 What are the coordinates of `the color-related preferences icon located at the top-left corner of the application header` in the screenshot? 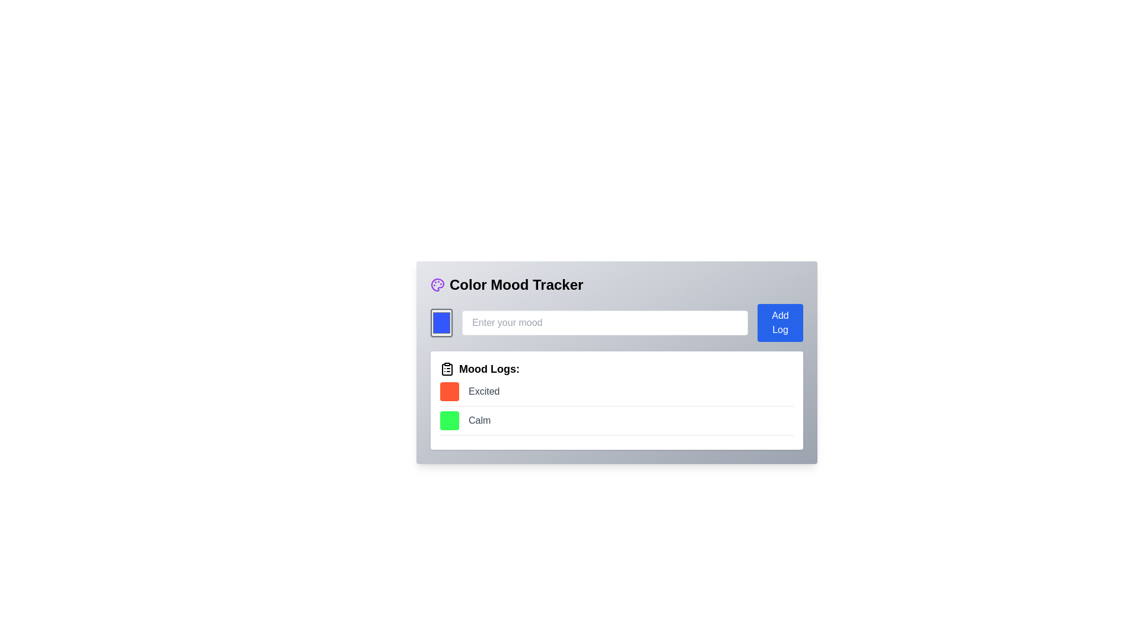 It's located at (437, 285).